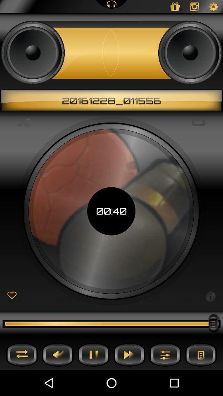 This screenshot has width=223, height=396. Describe the element at coordinates (24, 122) in the screenshot. I see `the icon next to the 00:40 icon` at that location.